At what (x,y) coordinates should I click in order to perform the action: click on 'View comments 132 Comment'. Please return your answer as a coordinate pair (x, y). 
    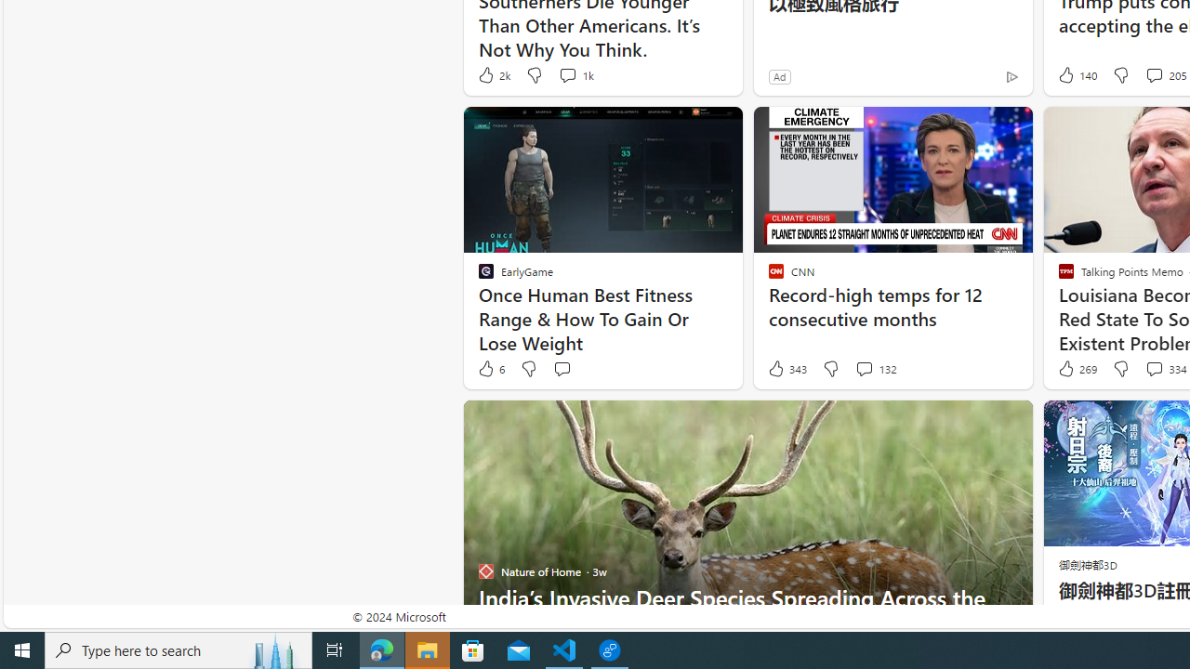
    Looking at the image, I should click on (875, 369).